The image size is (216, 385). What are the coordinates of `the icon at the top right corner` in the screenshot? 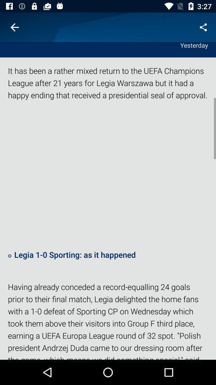 It's located at (203, 27).